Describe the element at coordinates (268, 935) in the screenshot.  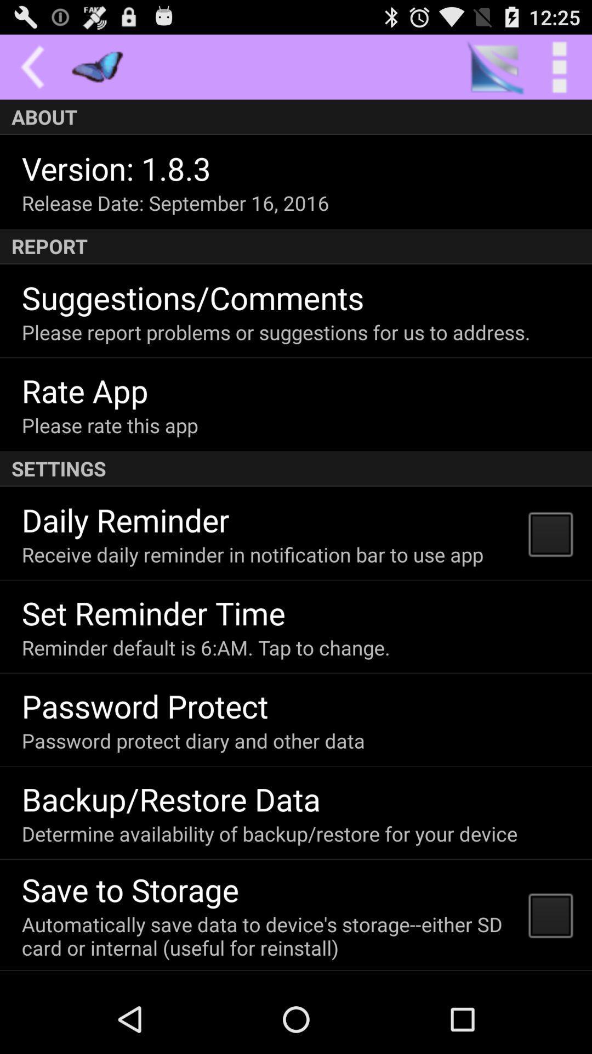
I see `the automatically save data app` at that location.